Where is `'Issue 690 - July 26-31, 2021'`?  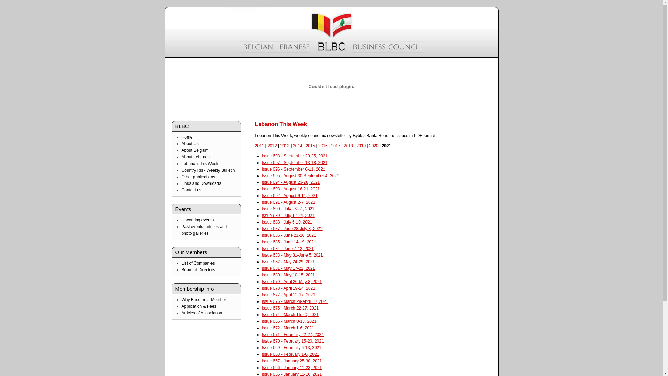
'Issue 690 - July 26-31, 2021' is located at coordinates (261, 209).